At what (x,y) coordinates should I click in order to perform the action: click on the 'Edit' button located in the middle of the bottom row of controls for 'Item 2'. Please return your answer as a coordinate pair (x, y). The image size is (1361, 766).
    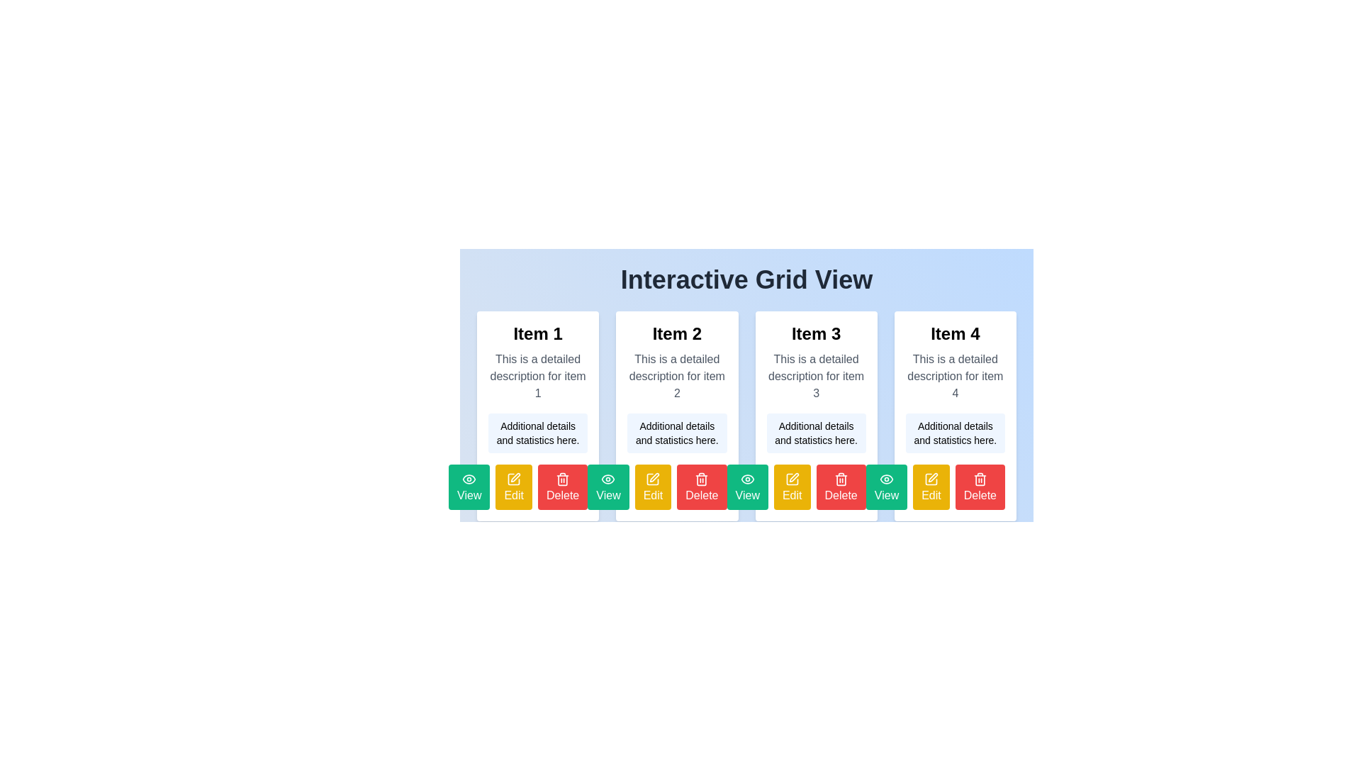
    Looking at the image, I should click on (652, 486).